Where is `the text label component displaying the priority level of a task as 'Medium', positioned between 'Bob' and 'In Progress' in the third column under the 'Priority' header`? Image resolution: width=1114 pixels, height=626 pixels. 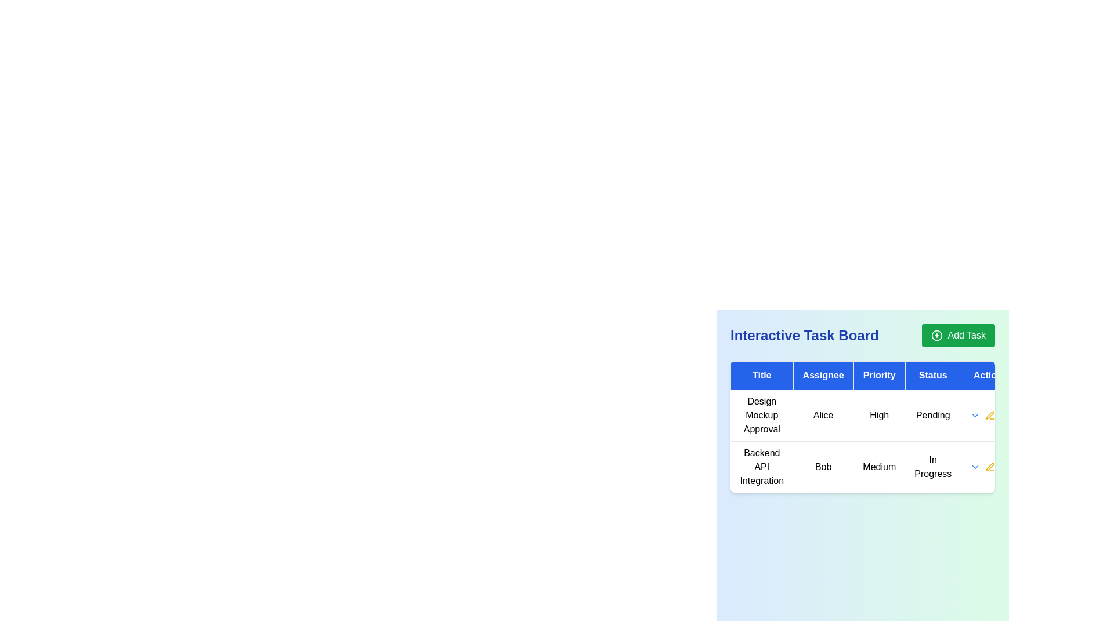 the text label component displaying the priority level of a task as 'Medium', positioned between 'Bob' and 'In Progress' in the third column under the 'Priority' header is located at coordinates (879, 466).